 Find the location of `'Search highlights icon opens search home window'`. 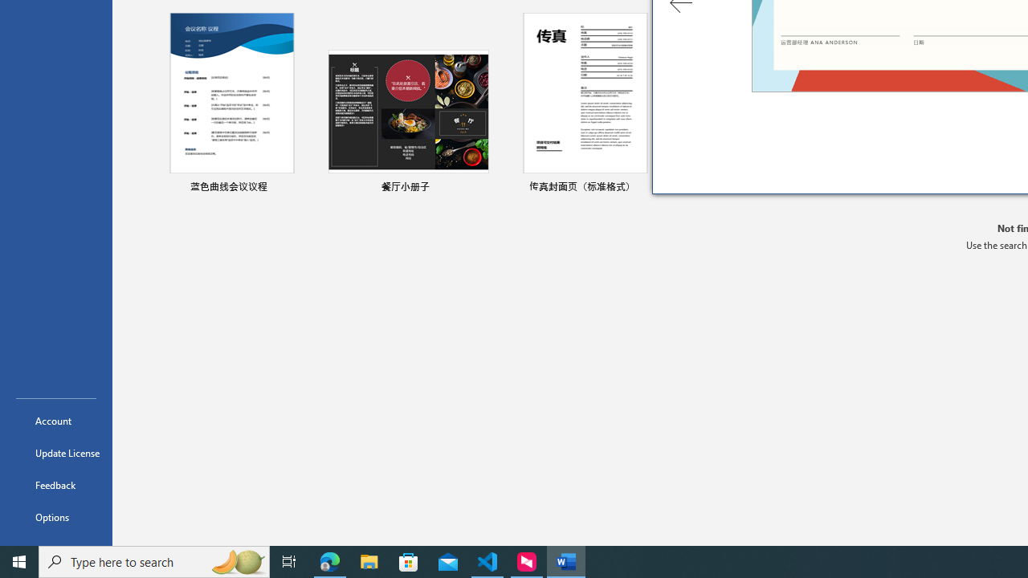

'Search highlights icon opens search home window' is located at coordinates (236, 560).